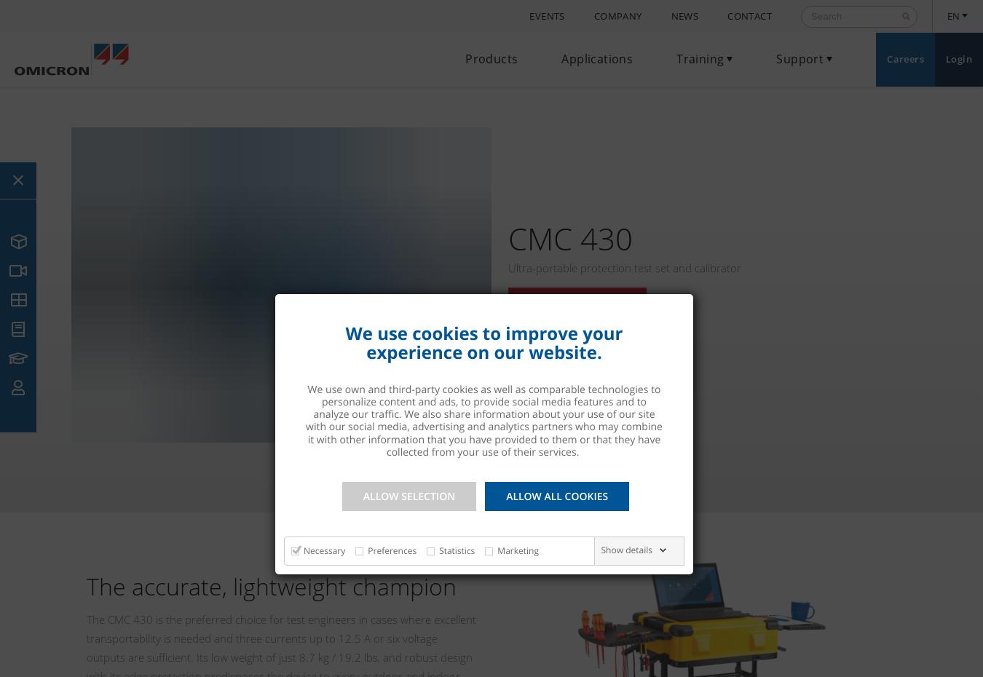 The height and width of the screenshot is (677, 983). I want to click on 'Careers', so click(905, 59).